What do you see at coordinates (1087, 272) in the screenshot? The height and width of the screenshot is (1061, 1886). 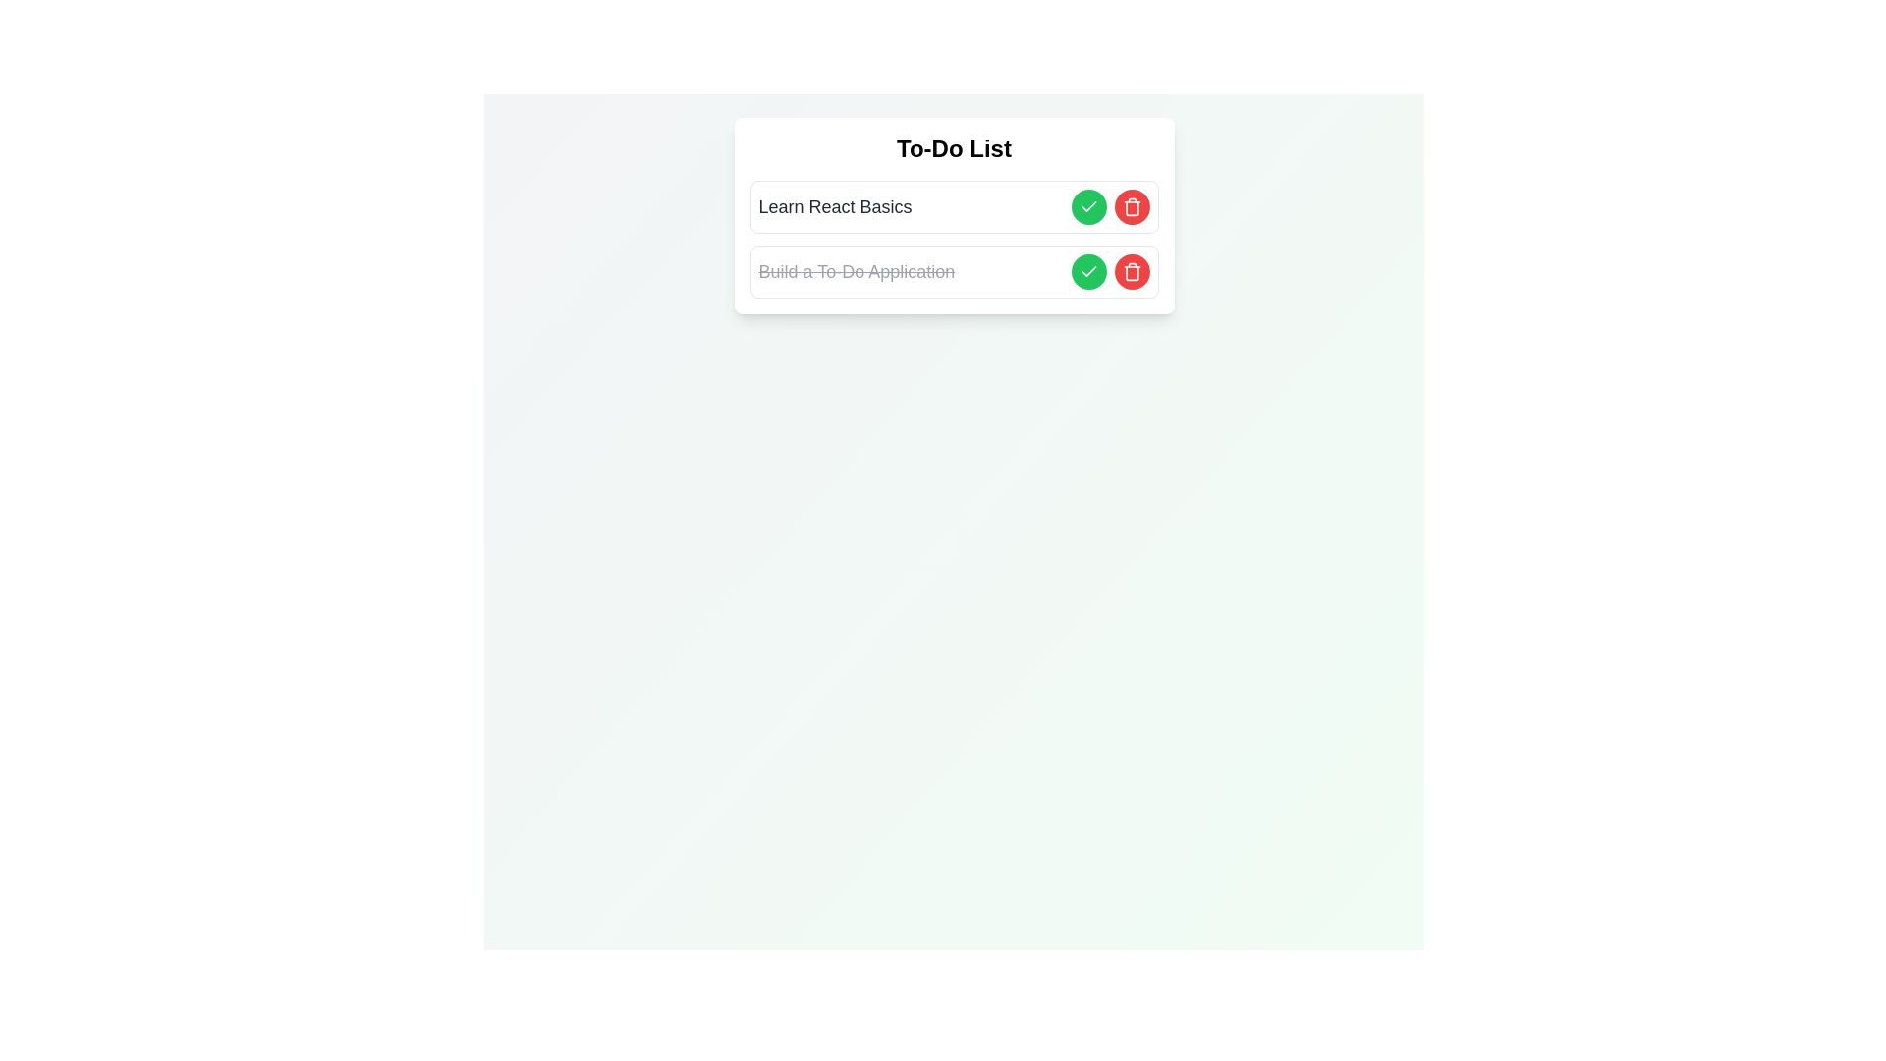 I see `the green button to the right of the task item labeled 'Build a To-Do Application' to mark the task as completed` at bounding box center [1087, 272].